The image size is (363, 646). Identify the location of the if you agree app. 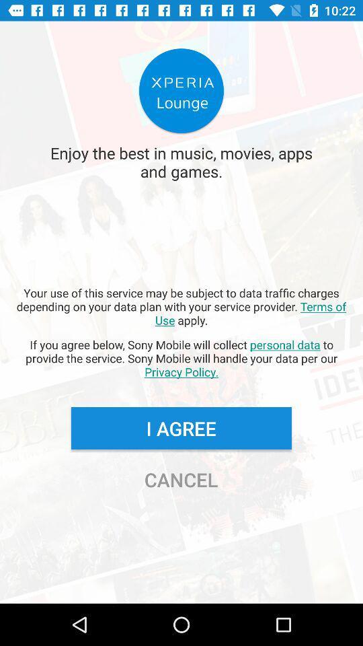
(182, 357).